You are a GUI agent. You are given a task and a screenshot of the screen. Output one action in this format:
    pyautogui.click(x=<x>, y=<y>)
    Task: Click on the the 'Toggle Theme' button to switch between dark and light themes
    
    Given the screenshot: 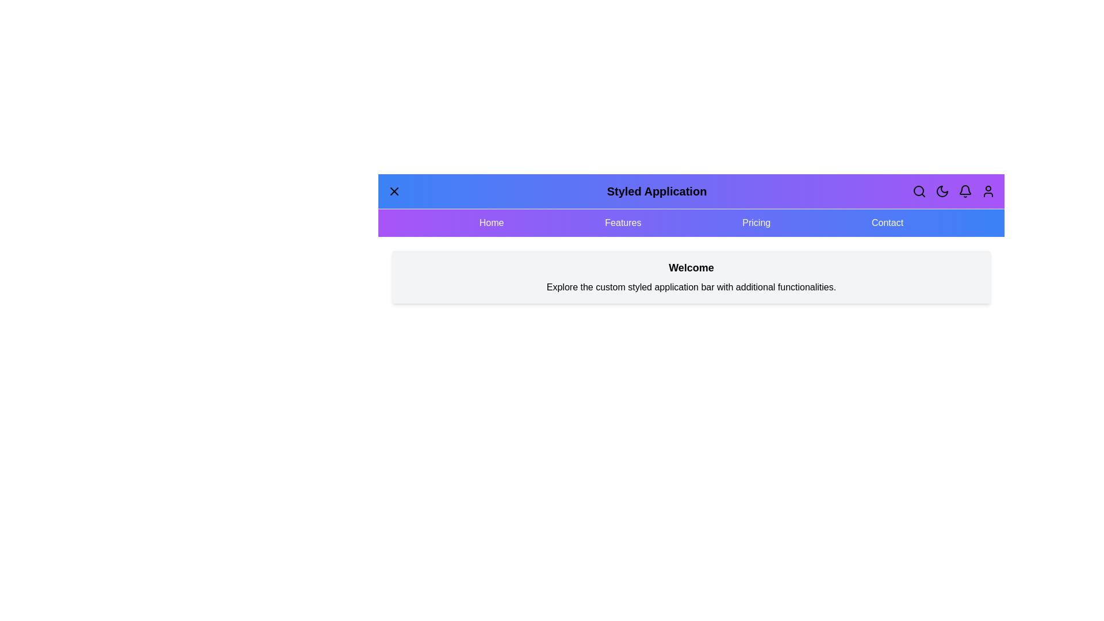 What is the action you would take?
    pyautogui.click(x=942, y=190)
    